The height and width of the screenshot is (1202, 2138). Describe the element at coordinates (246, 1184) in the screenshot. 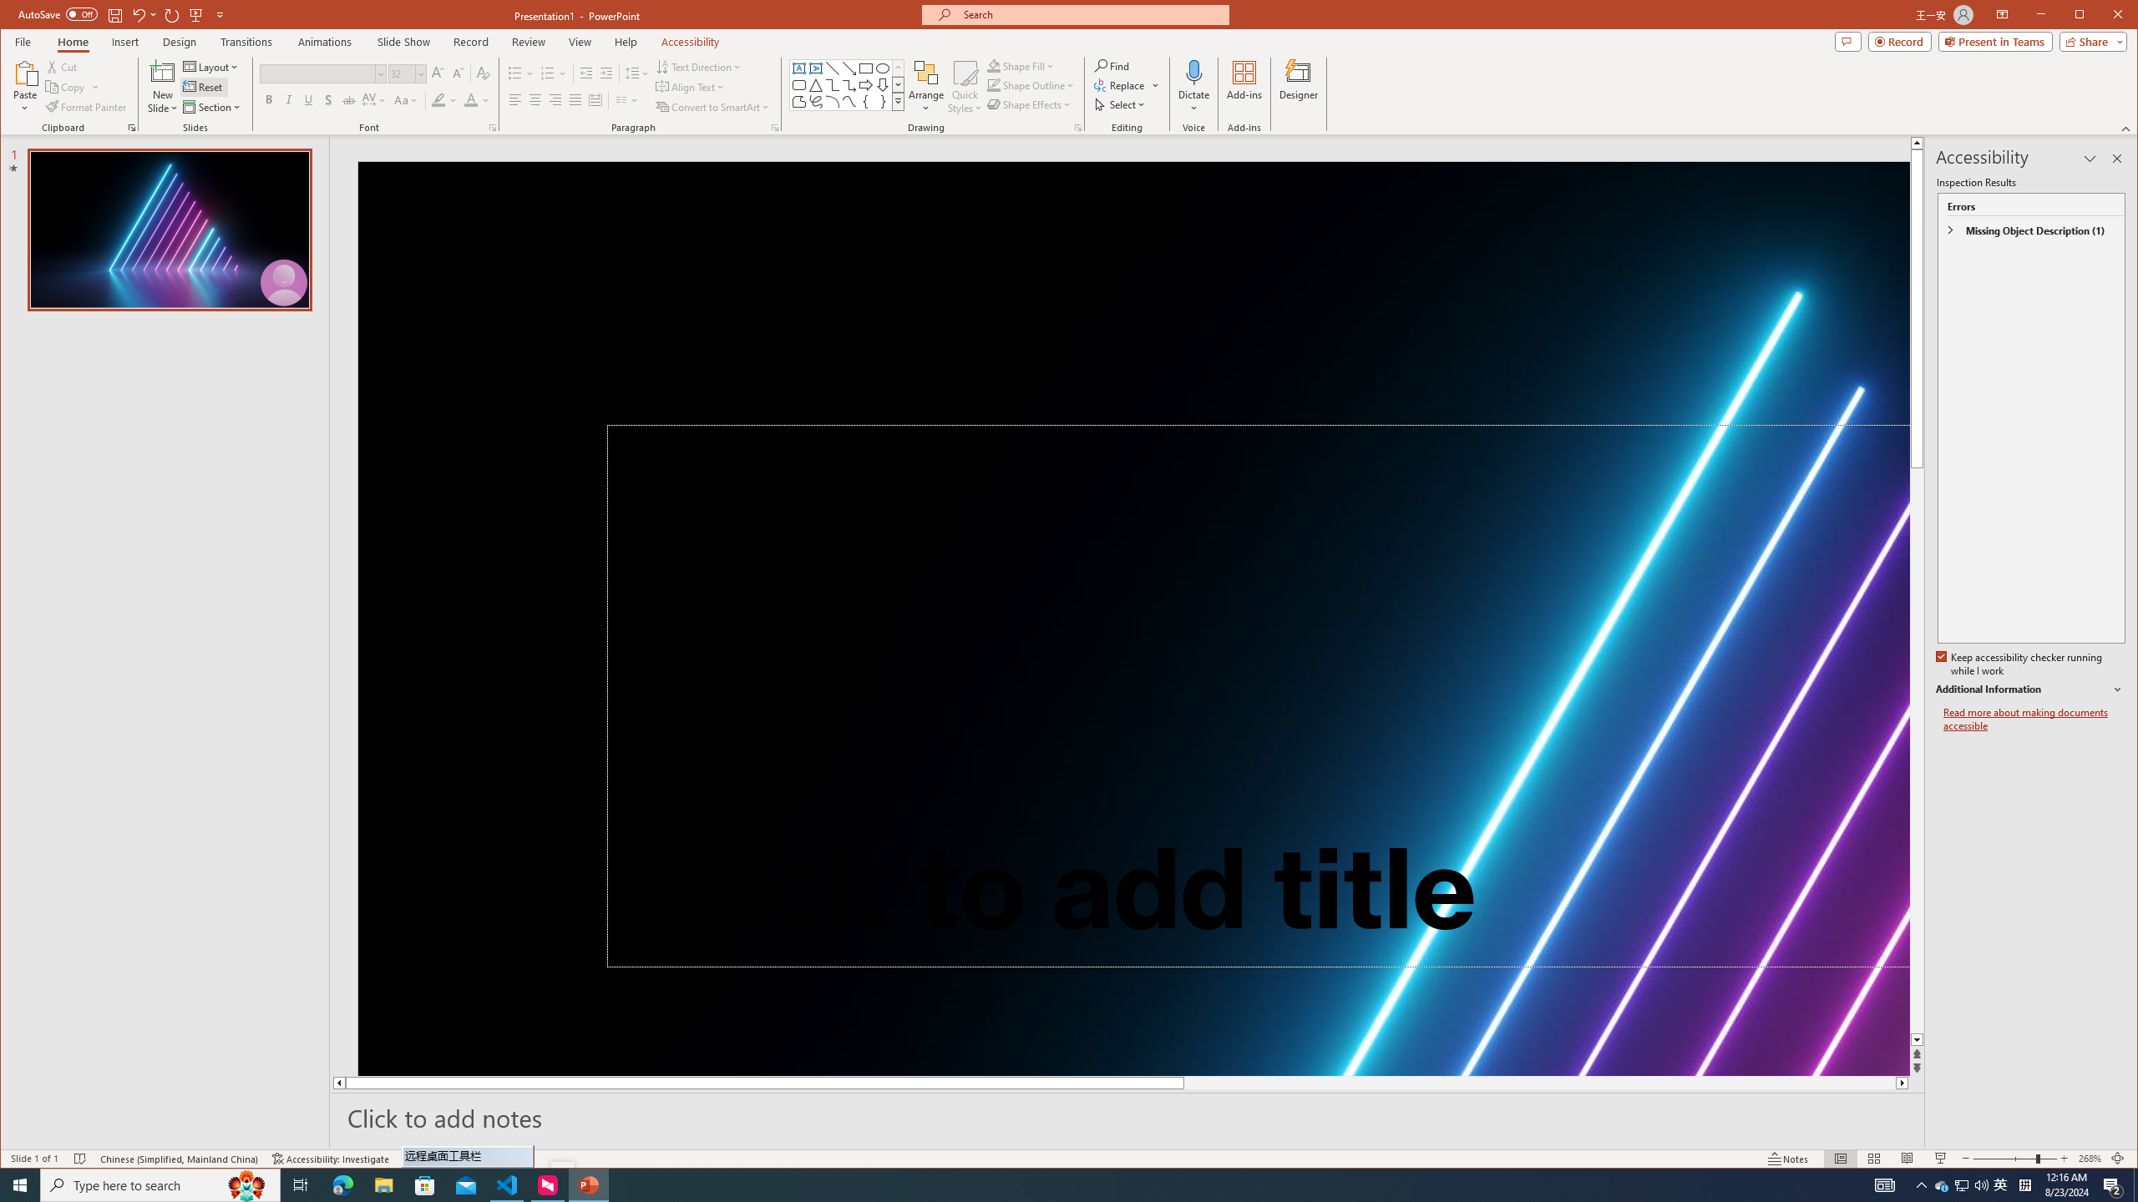

I see `'Search highlights icon opens search home window'` at that location.